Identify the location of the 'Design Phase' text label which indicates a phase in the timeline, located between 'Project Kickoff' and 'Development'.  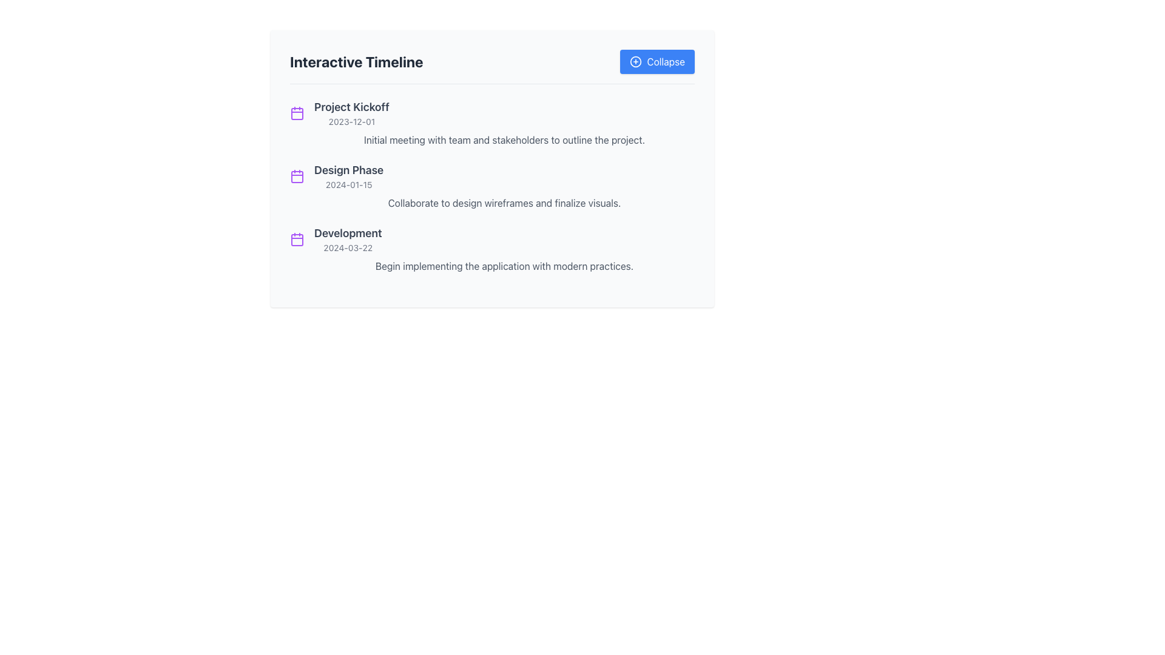
(348, 170).